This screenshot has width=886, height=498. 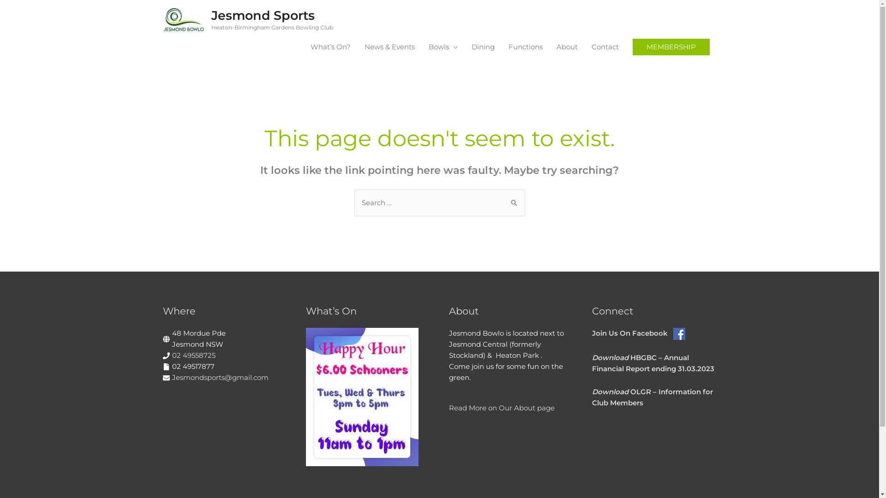 What do you see at coordinates (421, 47) in the screenshot?
I see `'Bowls'` at bounding box center [421, 47].